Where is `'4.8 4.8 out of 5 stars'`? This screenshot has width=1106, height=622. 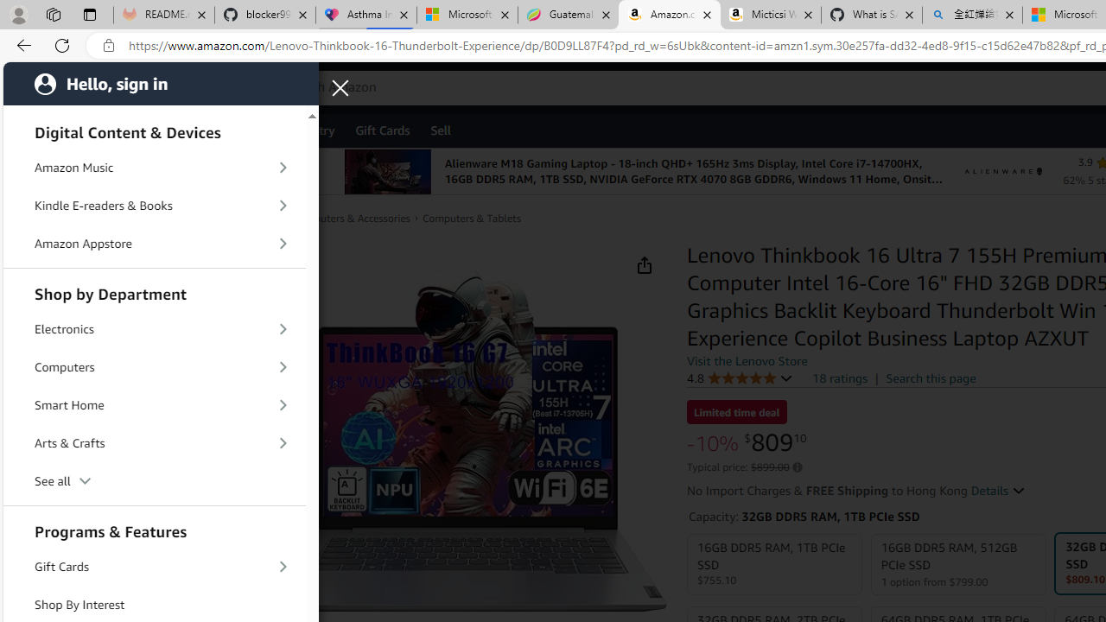 '4.8 4.8 out of 5 stars' is located at coordinates (740, 377).